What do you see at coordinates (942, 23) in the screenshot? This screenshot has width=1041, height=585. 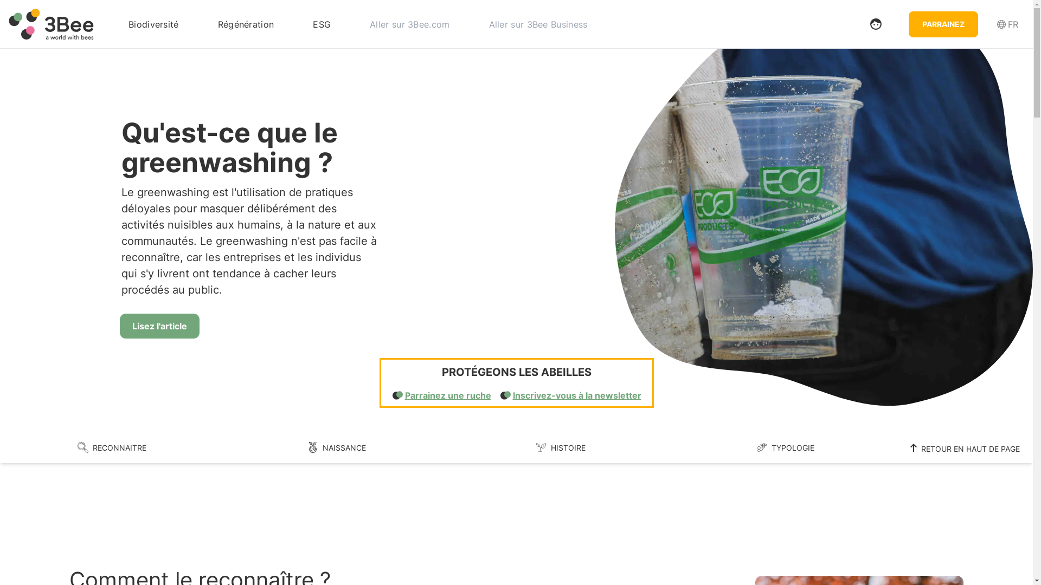 I see `'PARRAINEZ'` at bounding box center [942, 23].